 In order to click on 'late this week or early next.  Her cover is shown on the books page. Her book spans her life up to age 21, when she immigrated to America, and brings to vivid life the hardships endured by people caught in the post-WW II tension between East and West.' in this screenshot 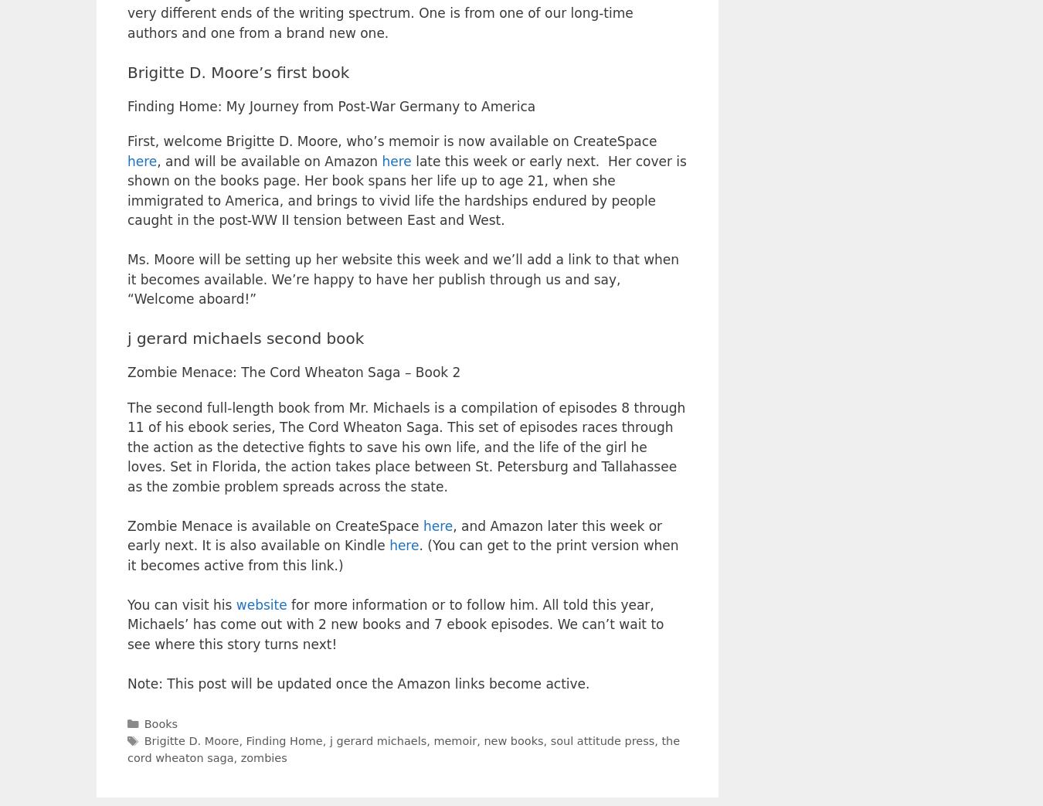, I will do `click(127, 190)`.